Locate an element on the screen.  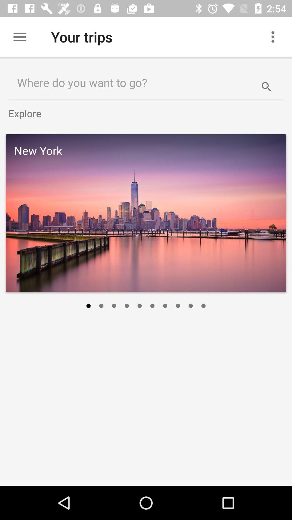
the item to the left of your trips is located at coordinates (19, 37).